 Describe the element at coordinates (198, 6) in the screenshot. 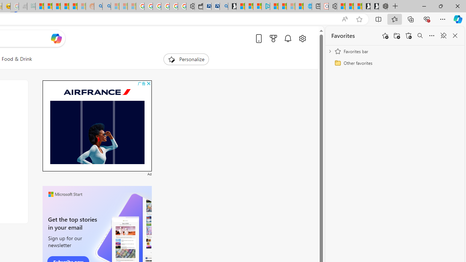

I see `'Wallet'` at that location.